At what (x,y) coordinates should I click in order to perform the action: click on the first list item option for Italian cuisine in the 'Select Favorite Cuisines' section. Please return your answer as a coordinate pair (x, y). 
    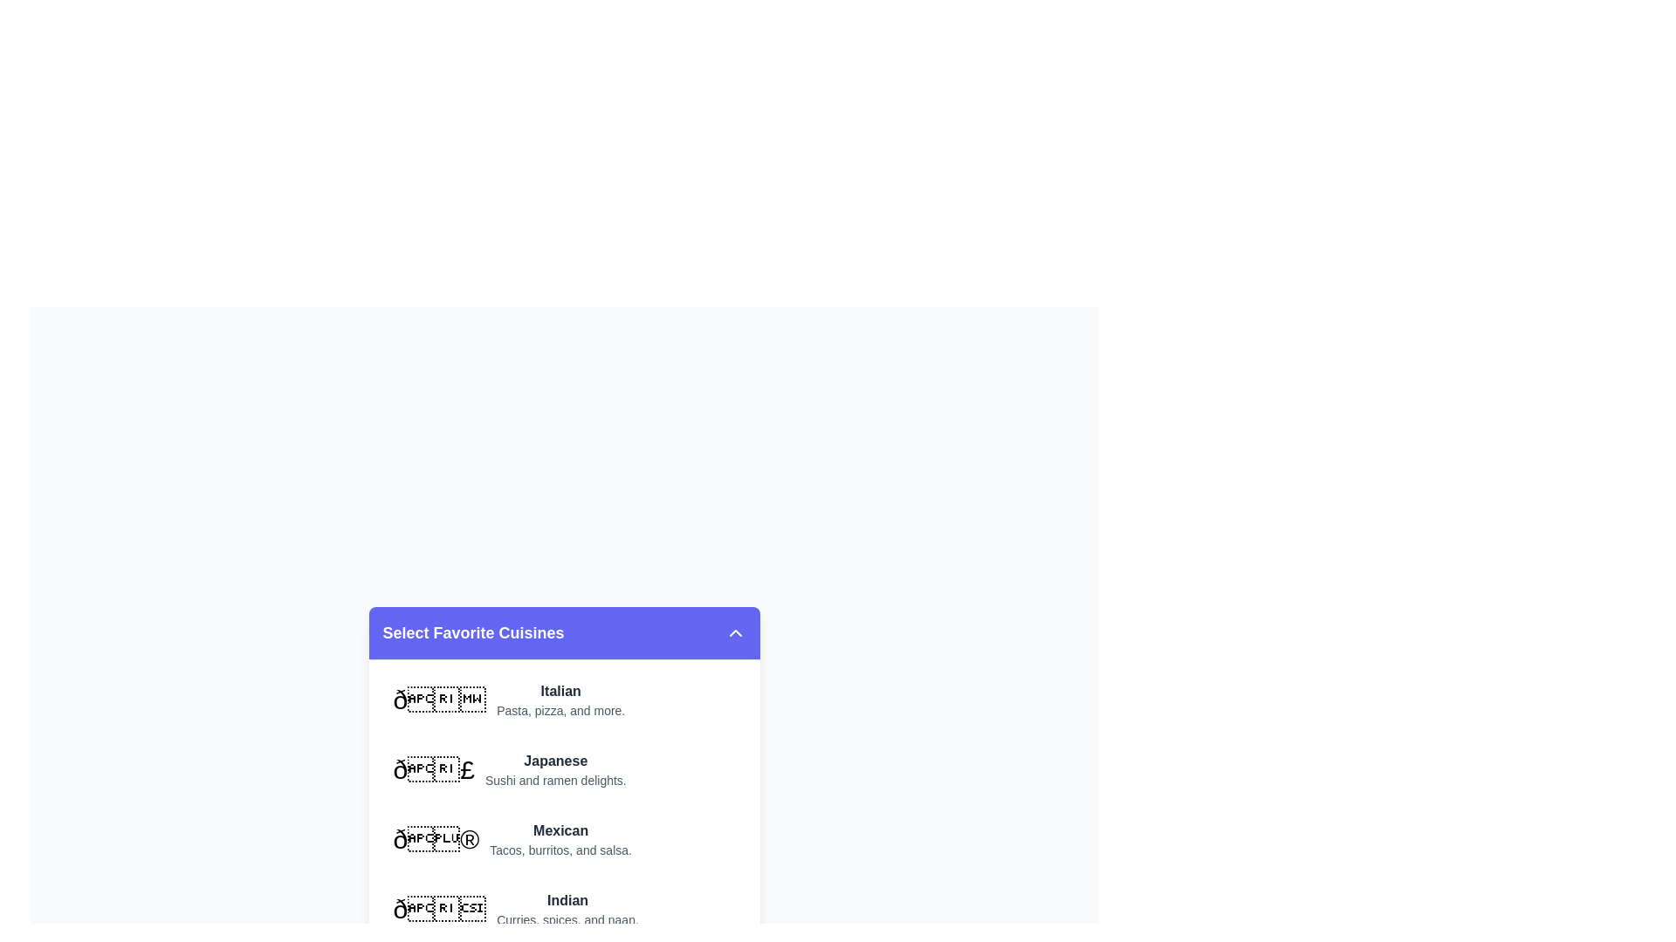
    Looking at the image, I should click on (564, 699).